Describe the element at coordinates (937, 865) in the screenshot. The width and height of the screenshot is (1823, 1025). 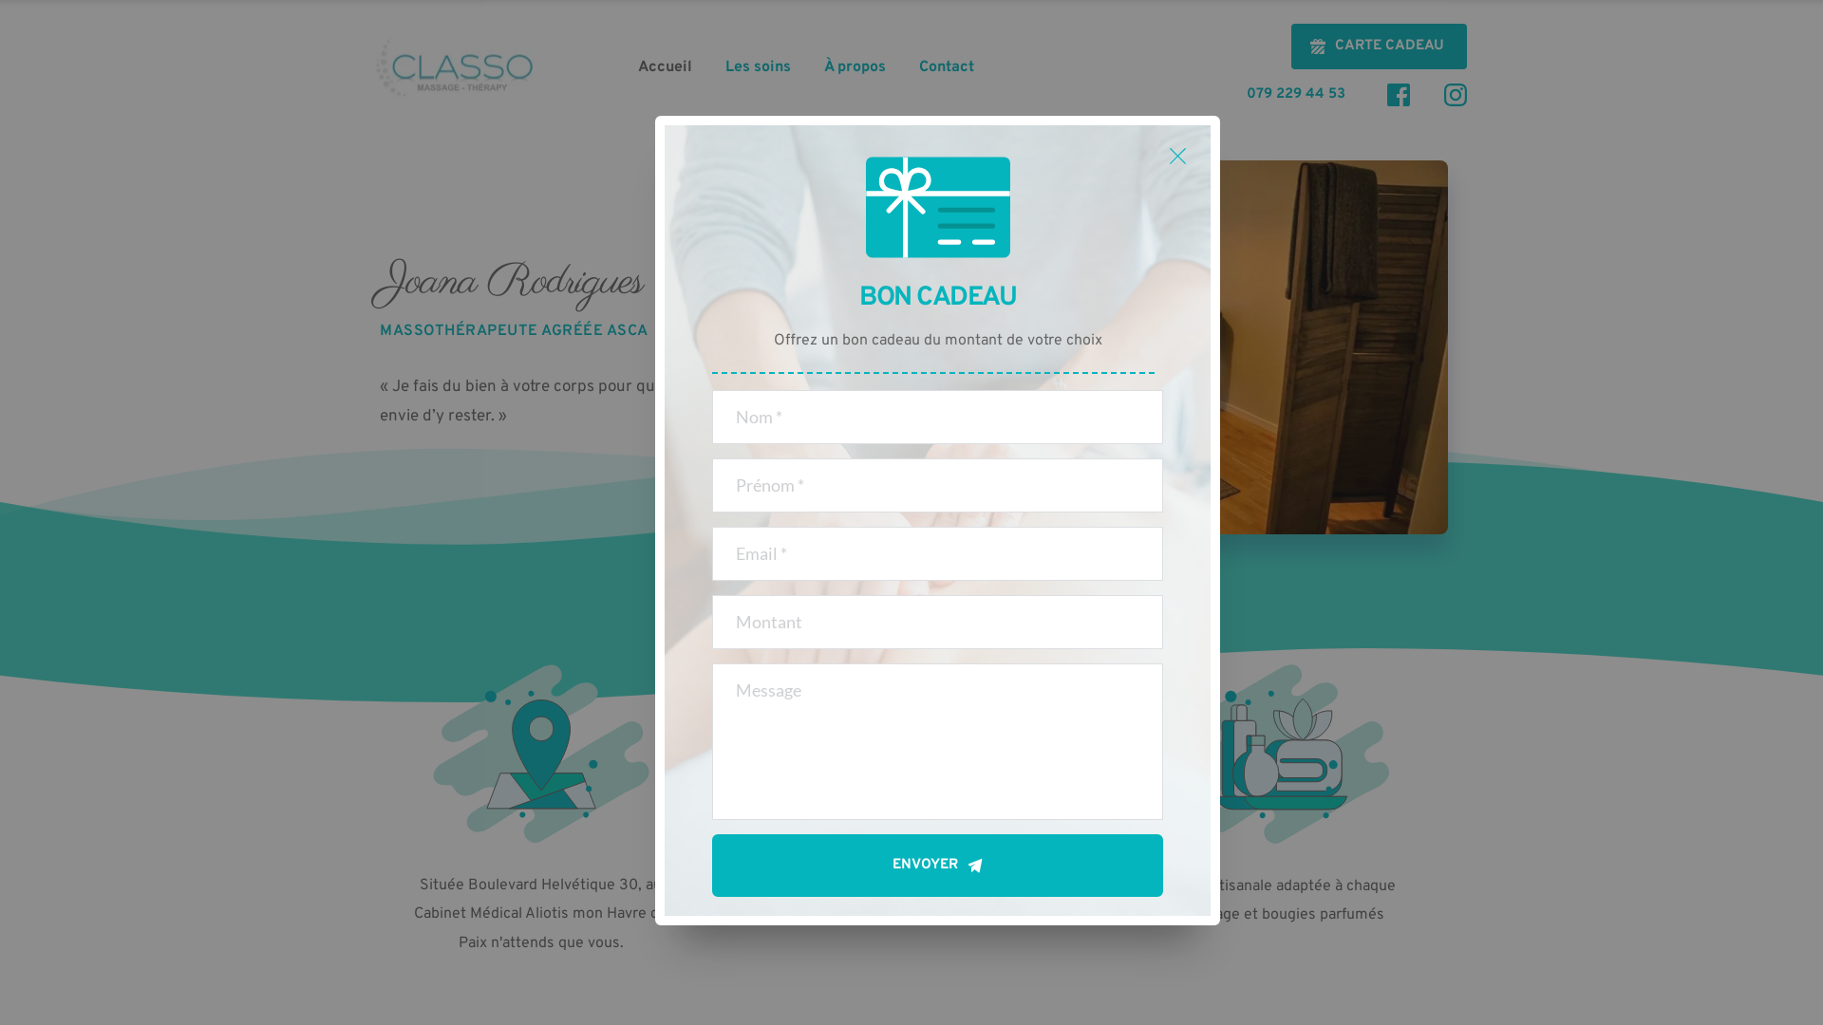
I see `'ENVOYER'` at that location.